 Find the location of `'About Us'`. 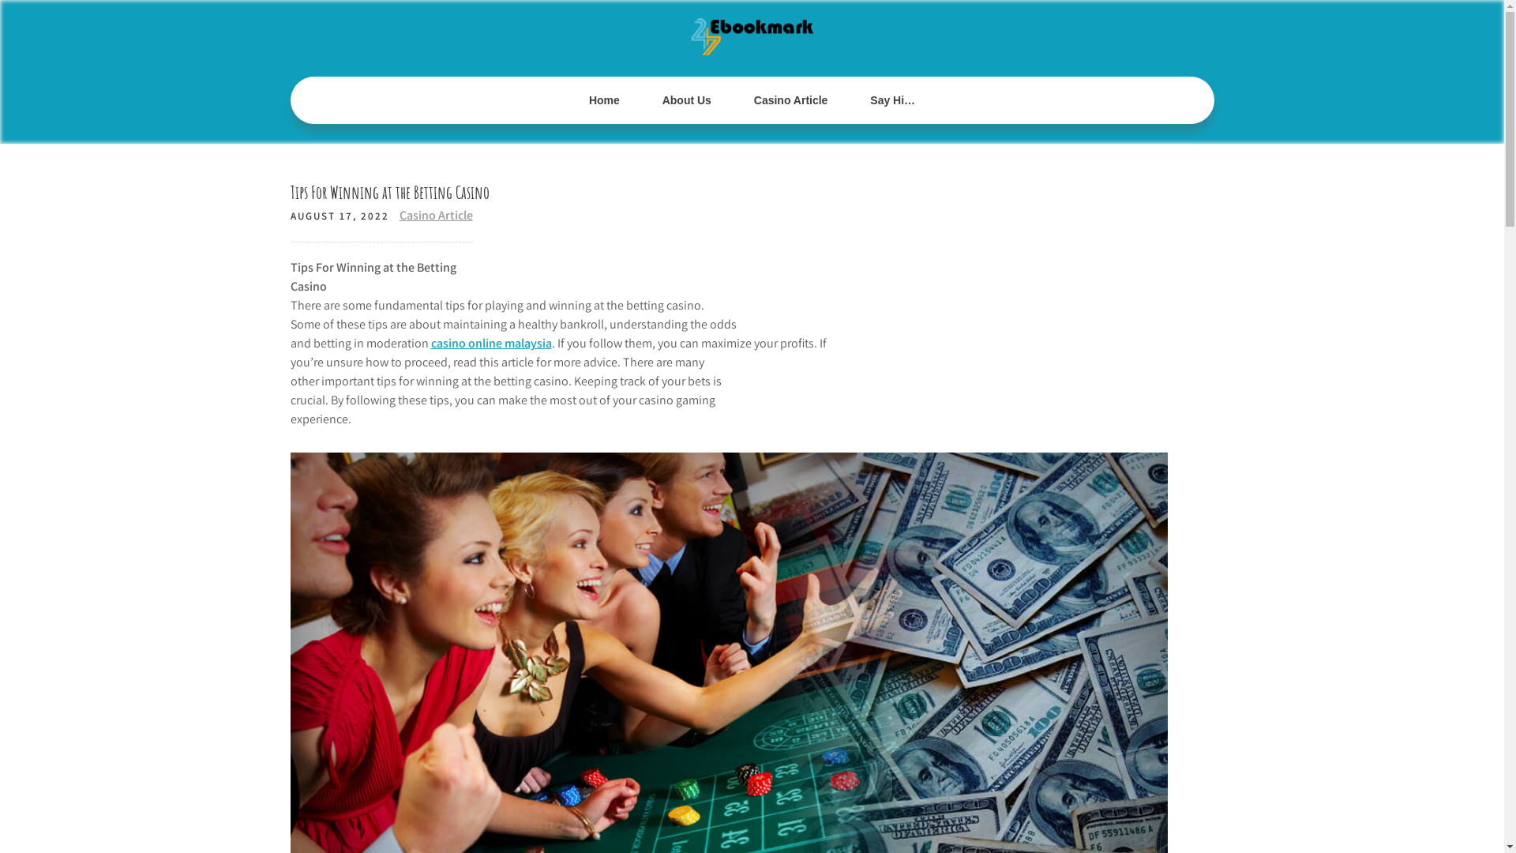

'About Us' is located at coordinates (686, 100).